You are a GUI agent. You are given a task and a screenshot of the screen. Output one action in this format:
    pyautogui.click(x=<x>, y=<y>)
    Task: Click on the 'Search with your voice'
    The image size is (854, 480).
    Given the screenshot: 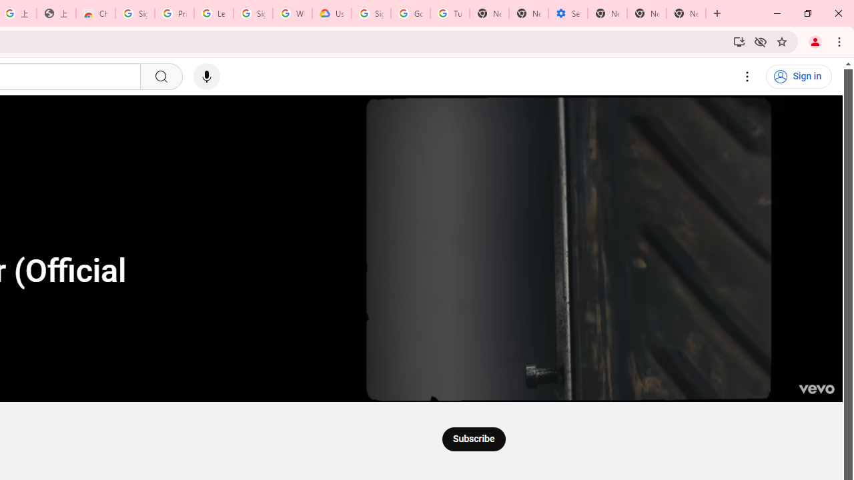 What is the action you would take?
    pyautogui.click(x=205, y=77)
    